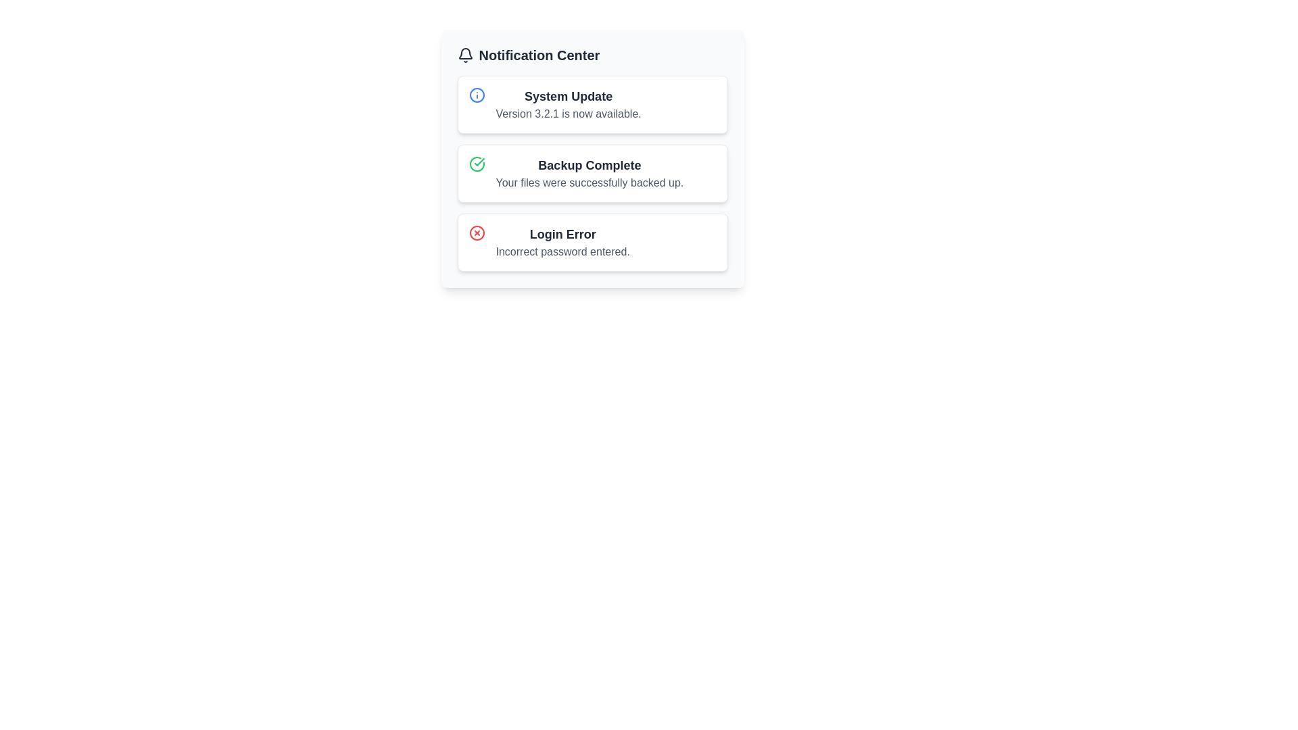 The image size is (1298, 730). I want to click on the bell icon located in the header of the Notification Center, which indicates notifications or alerts, so click(465, 54).